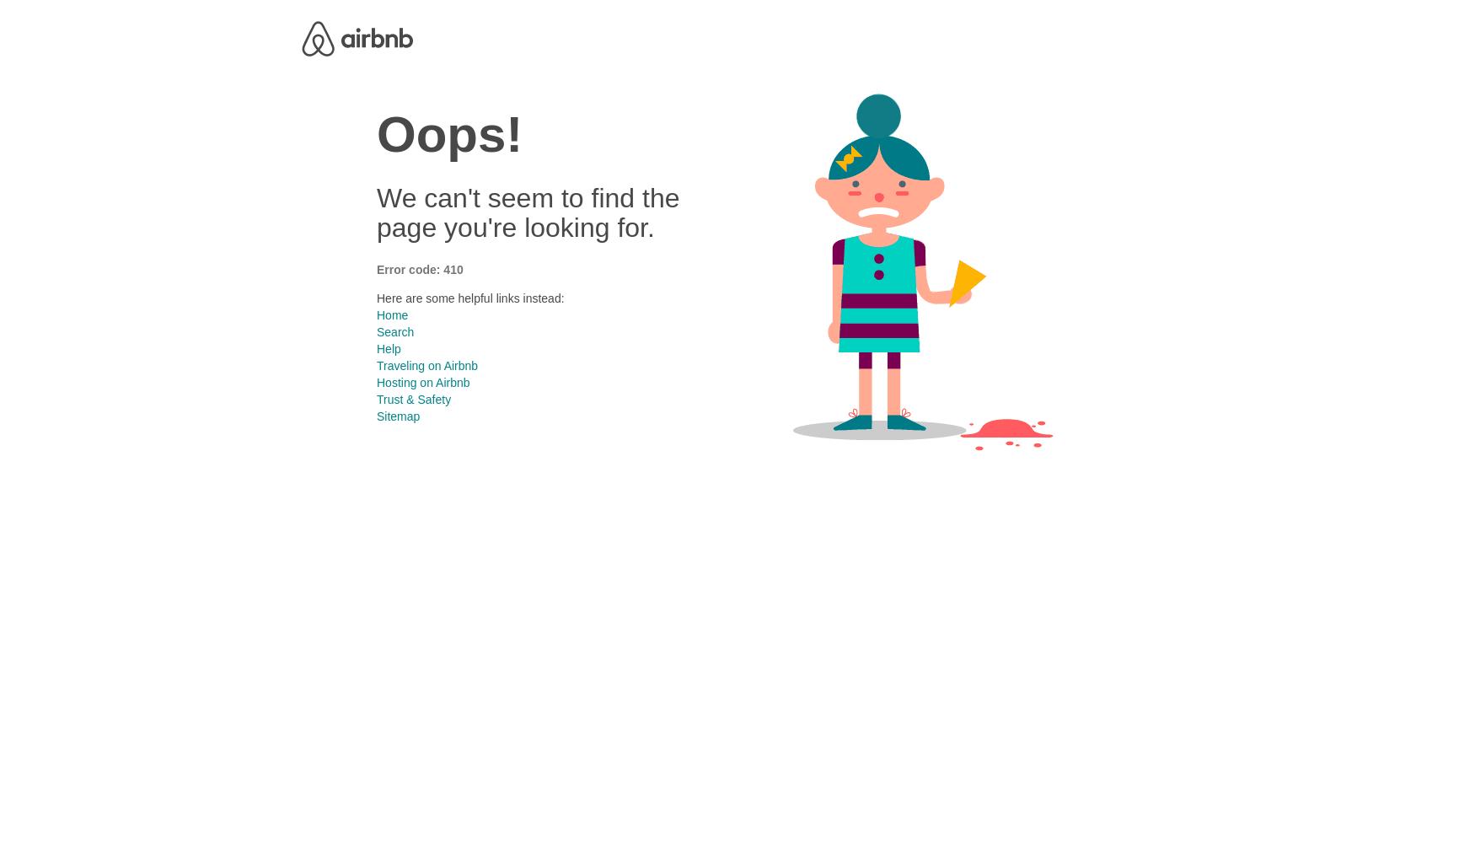 The height and width of the screenshot is (843, 1475). What do you see at coordinates (376, 381) in the screenshot?
I see `'Hosting on Airbnb'` at bounding box center [376, 381].